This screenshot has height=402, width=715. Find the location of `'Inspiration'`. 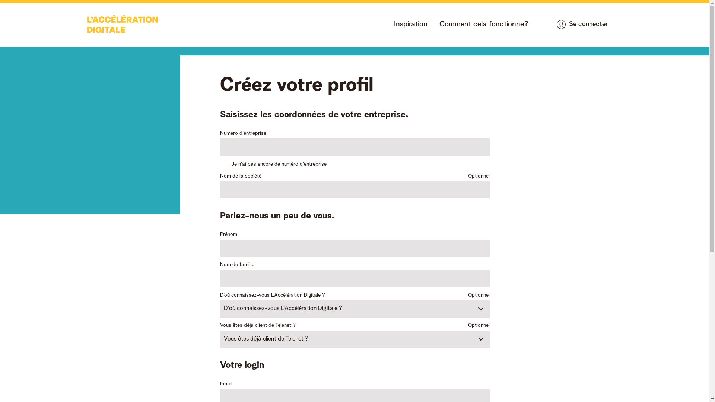

'Inspiration' is located at coordinates (410, 24).